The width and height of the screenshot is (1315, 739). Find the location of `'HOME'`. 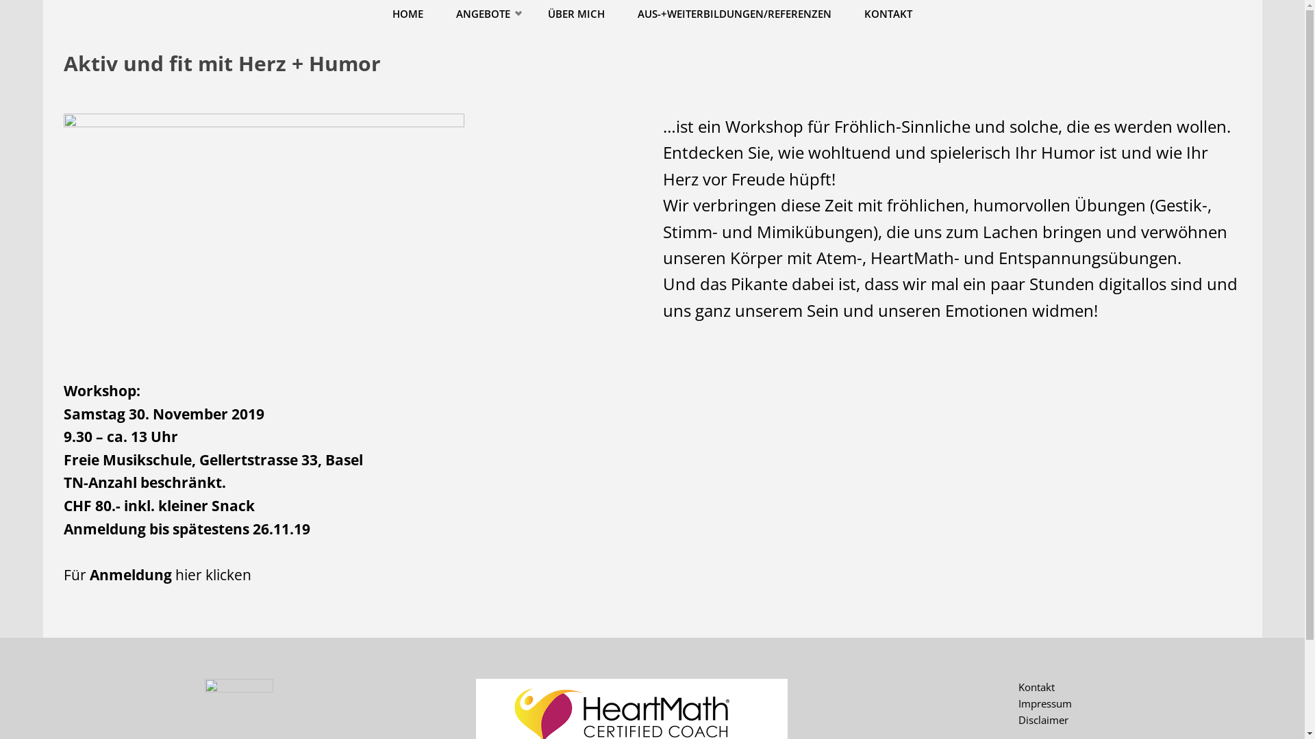

'HOME' is located at coordinates (407, 13).